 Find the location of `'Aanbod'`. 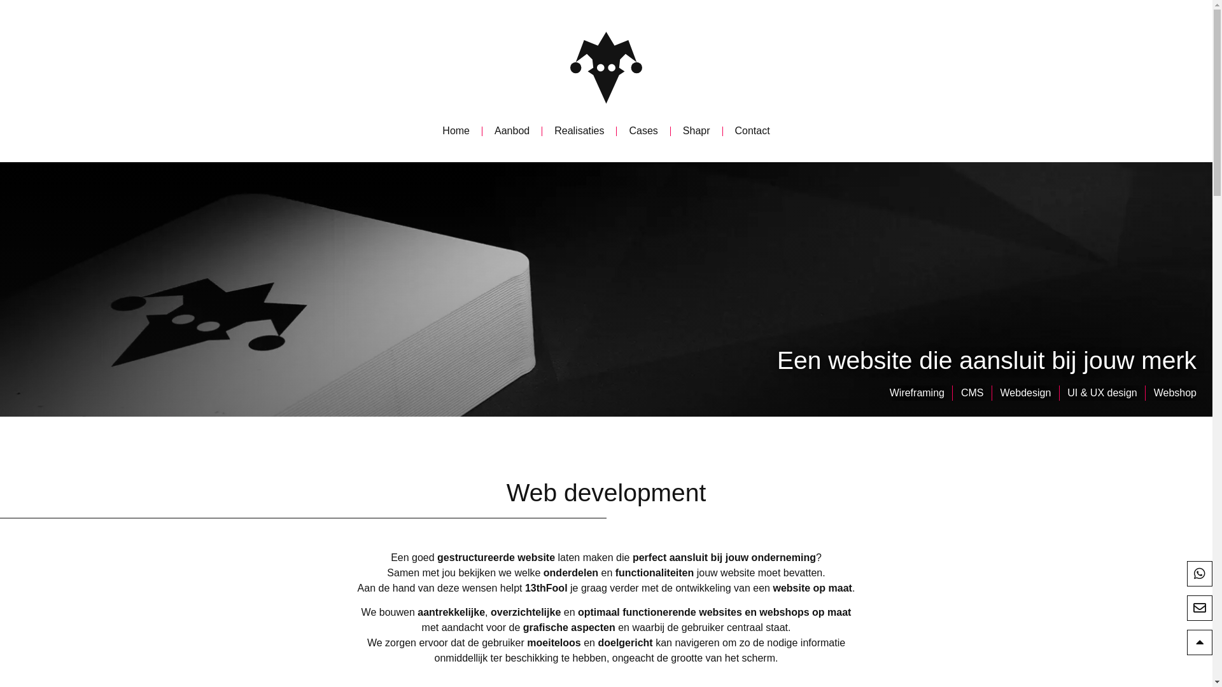

'Aanbod' is located at coordinates (512, 130).